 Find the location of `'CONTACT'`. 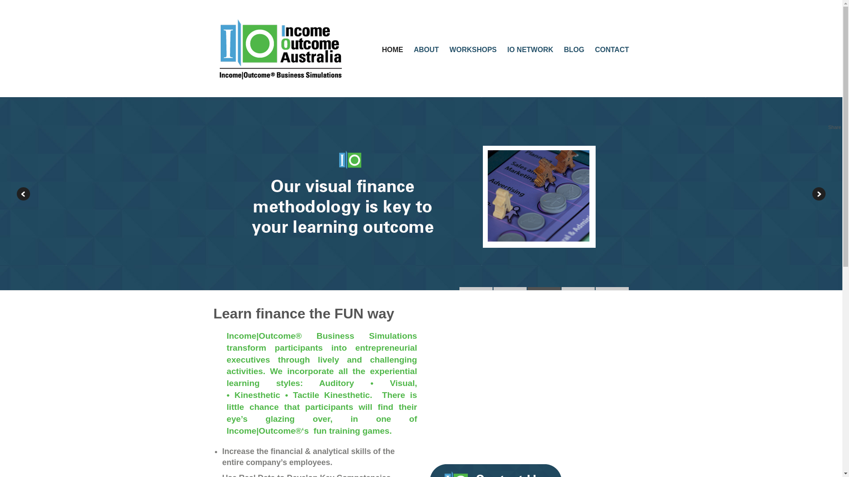

'CONTACT' is located at coordinates (611, 49).